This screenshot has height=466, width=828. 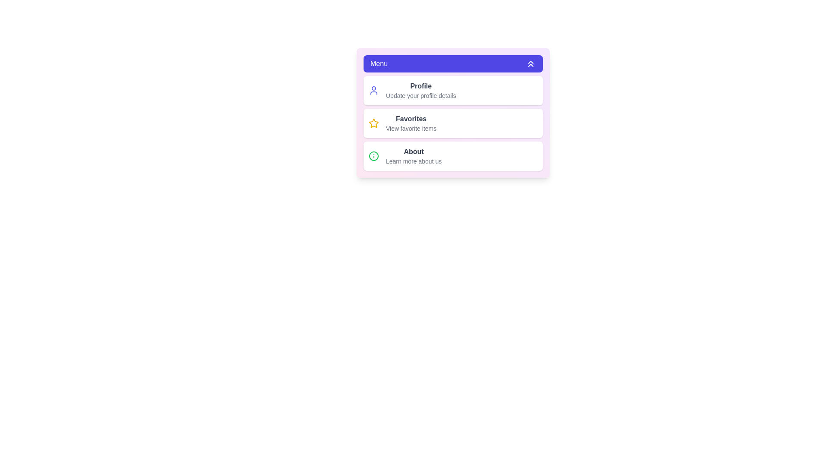 What do you see at coordinates (453, 90) in the screenshot?
I see `the menu item Profile` at bounding box center [453, 90].